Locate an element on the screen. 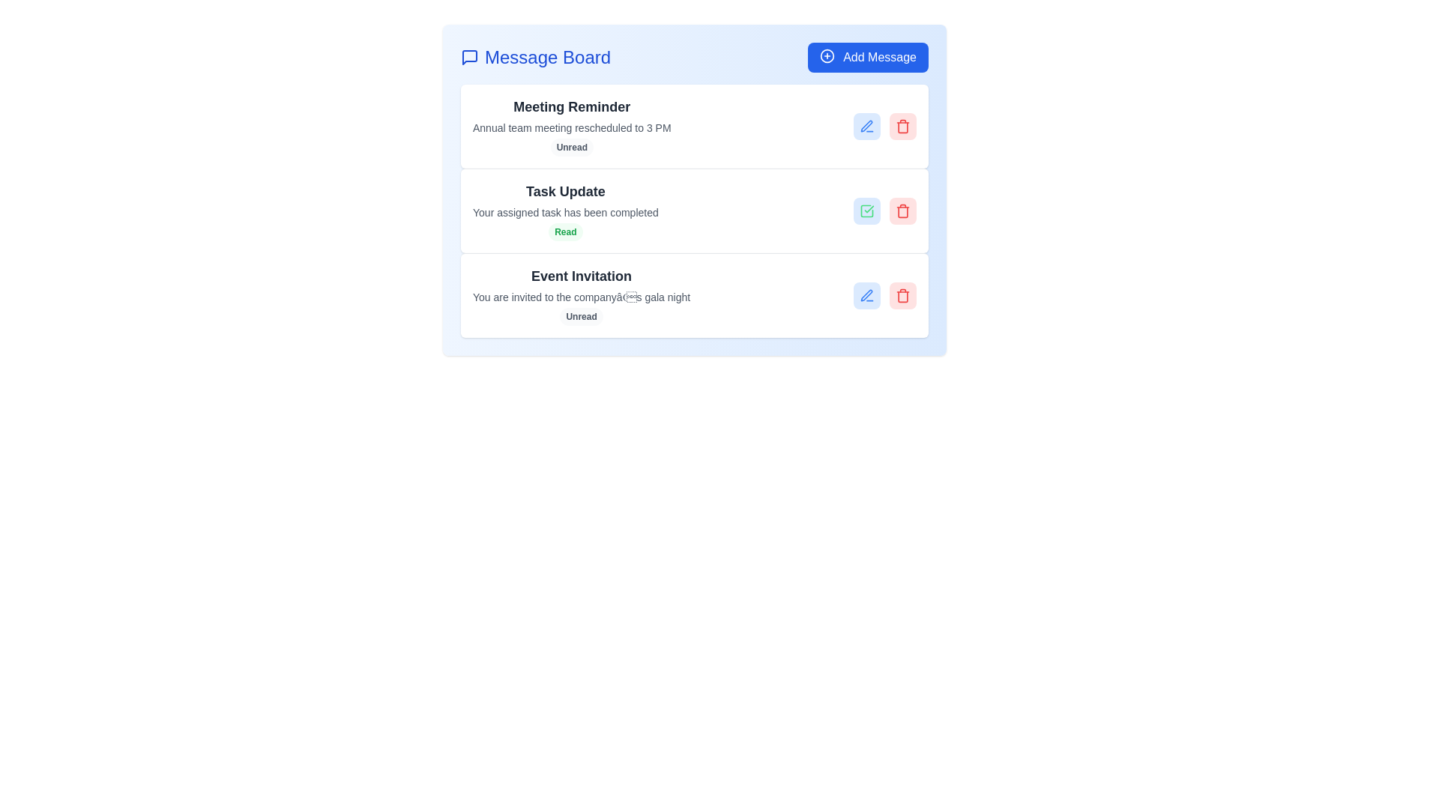 This screenshot has height=809, width=1439. the 'Unread' label is located at coordinates (581, 316).